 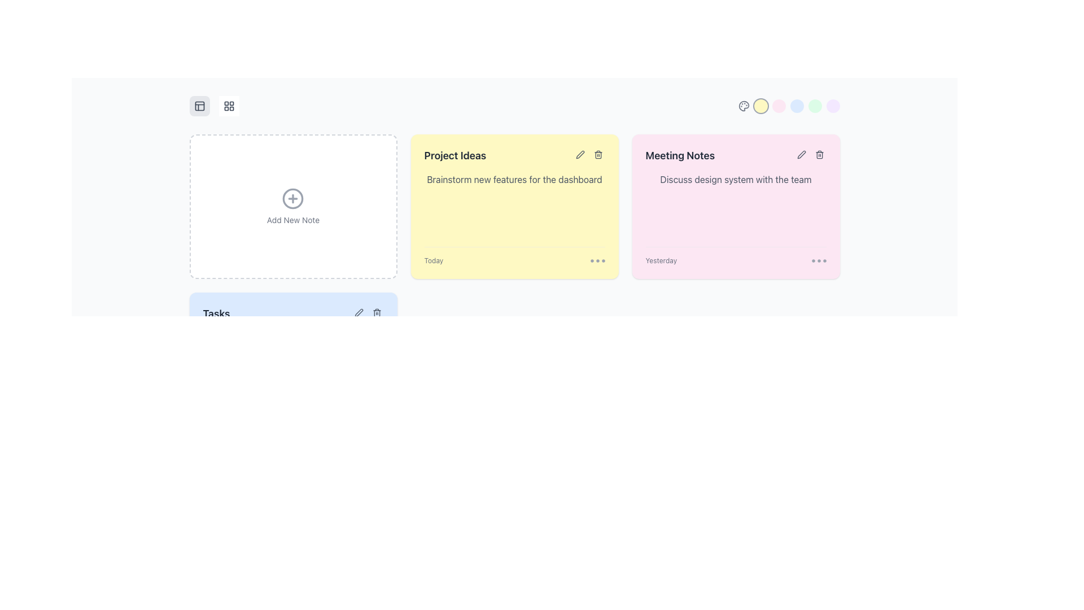 What do you see at coordinates (580, 154) in the screenshot?
I see `the pen icon button located at the top-right section of the yellow 'Project Ideas' card` at bounding box center [580, 154].